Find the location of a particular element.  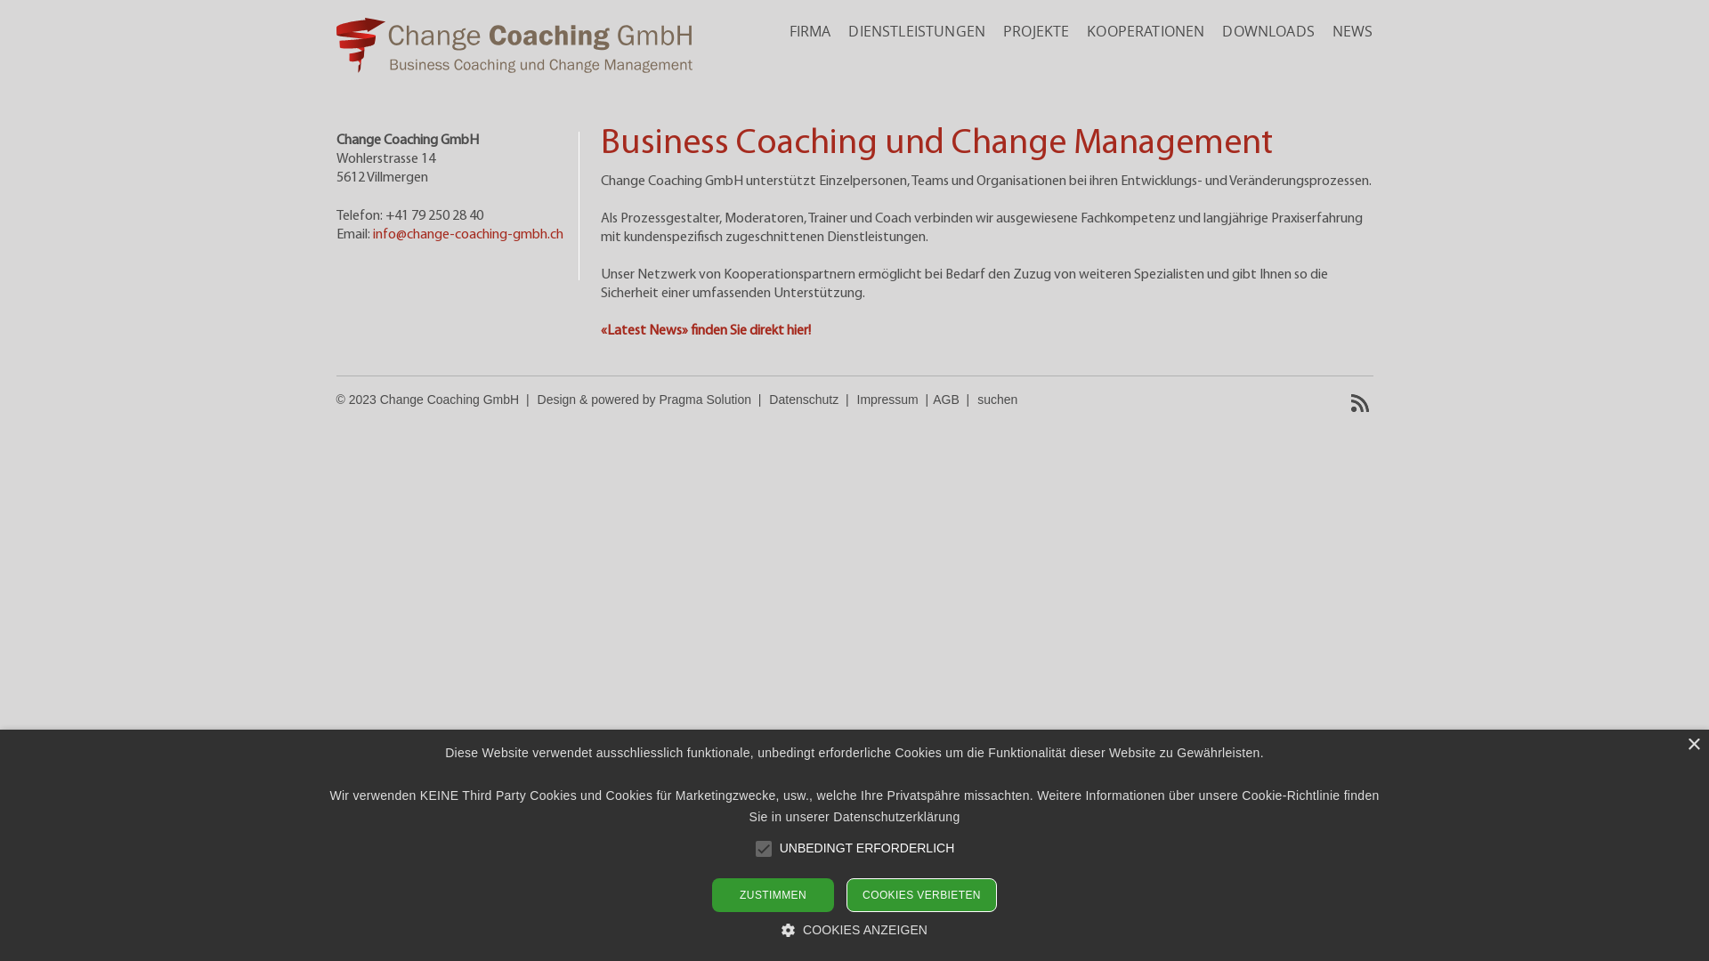

'Design & powered by Pragma Solution  |  ' is located at coordinates (652, 398).